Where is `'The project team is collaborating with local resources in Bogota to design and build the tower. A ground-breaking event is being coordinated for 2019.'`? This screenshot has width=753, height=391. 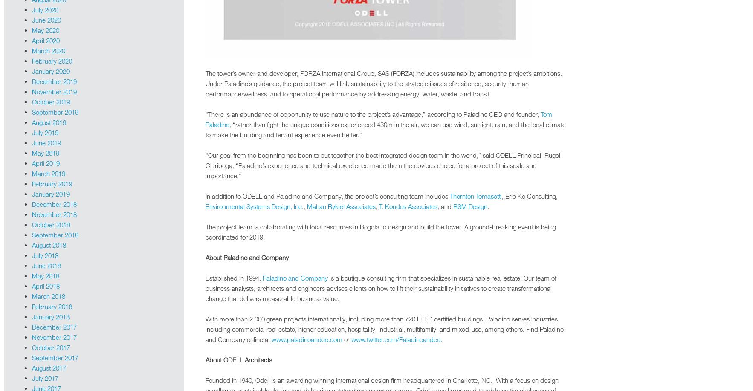
'The project team is collaborating with local resources in Bogota to design and build the tower. A ground-breaking event is being coordinated for 2019.' is located at coordinates (380, 231).